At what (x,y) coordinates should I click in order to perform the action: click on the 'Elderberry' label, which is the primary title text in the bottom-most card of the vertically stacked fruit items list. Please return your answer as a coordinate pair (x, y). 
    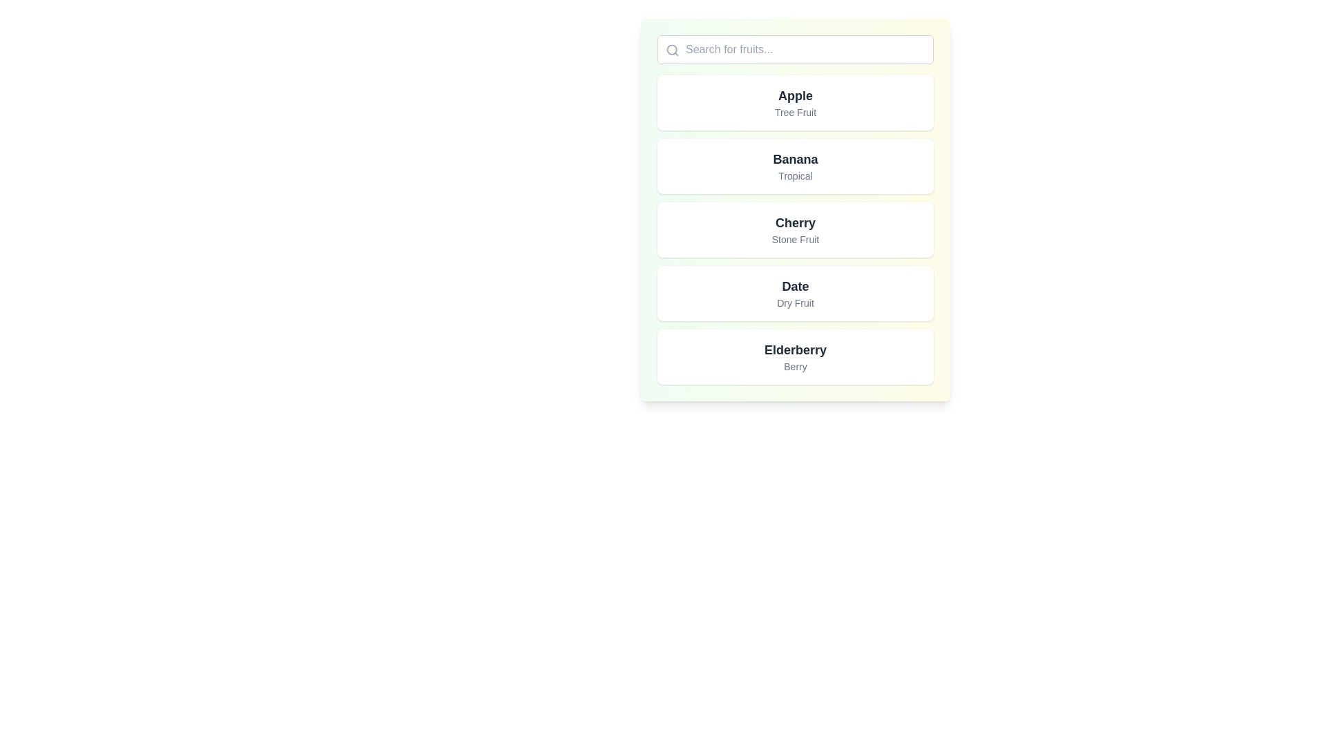
    Looking at the image, I should click on (796, 349).